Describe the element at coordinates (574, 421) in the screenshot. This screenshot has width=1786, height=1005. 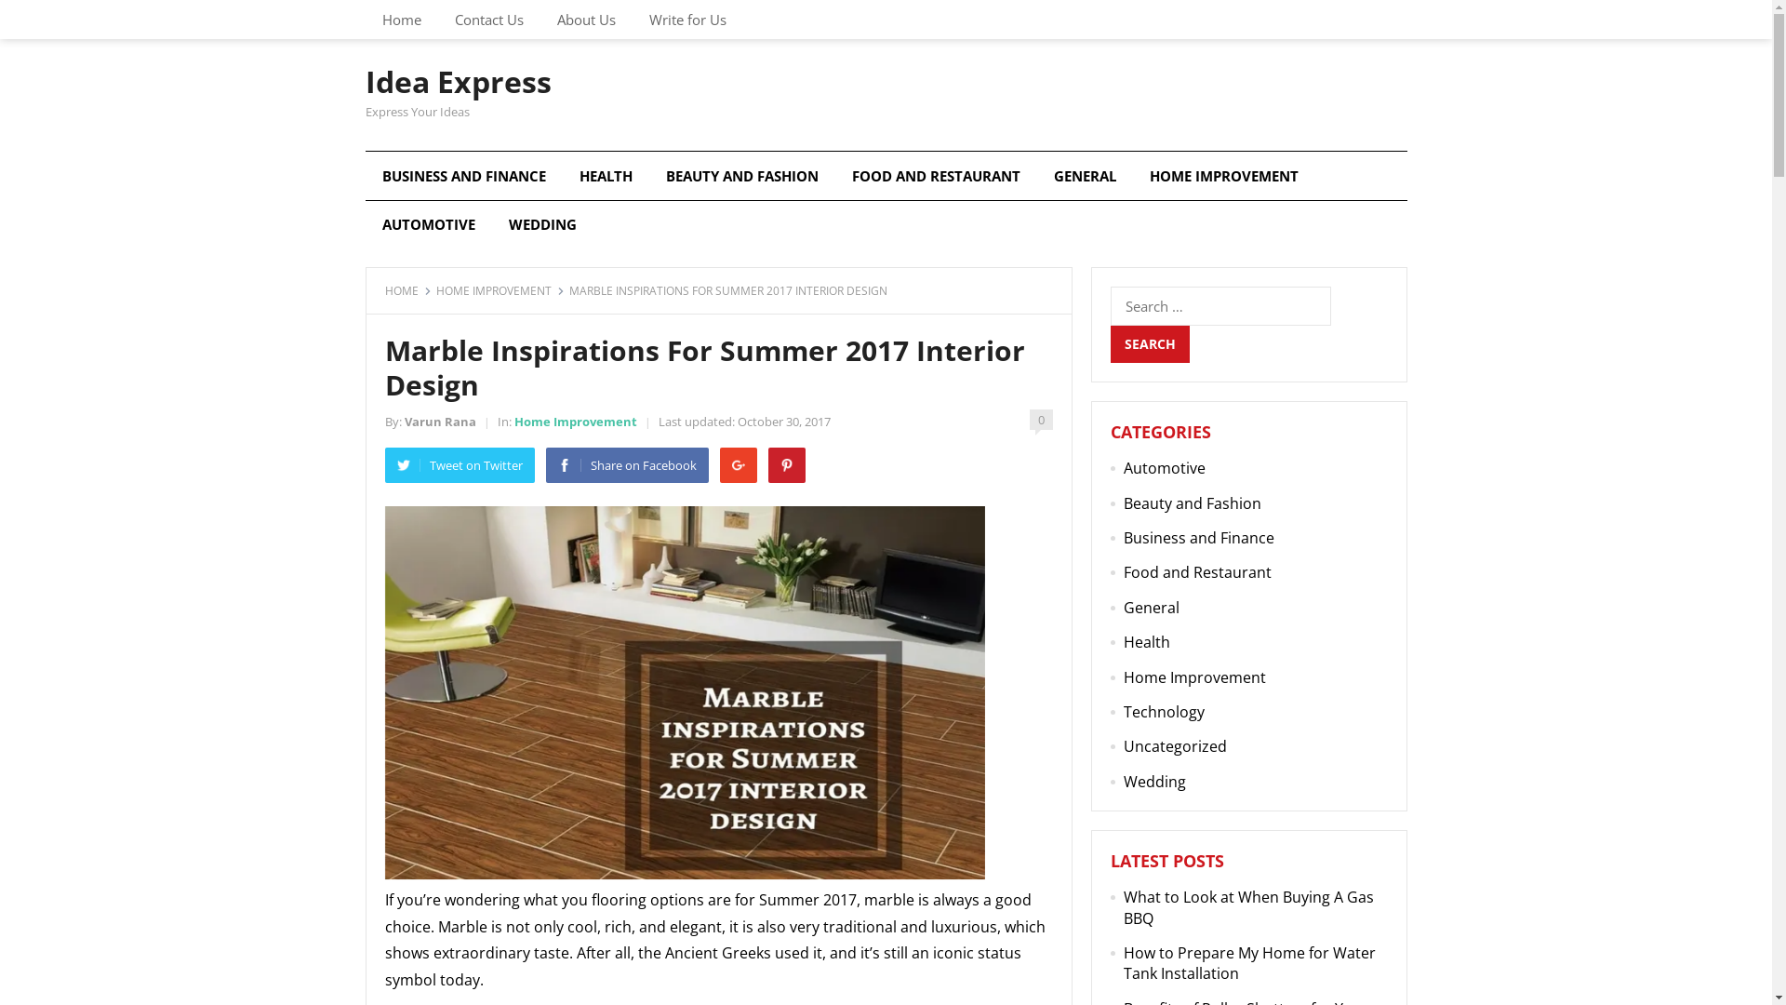
I see `'Home Improvement'` at that location.